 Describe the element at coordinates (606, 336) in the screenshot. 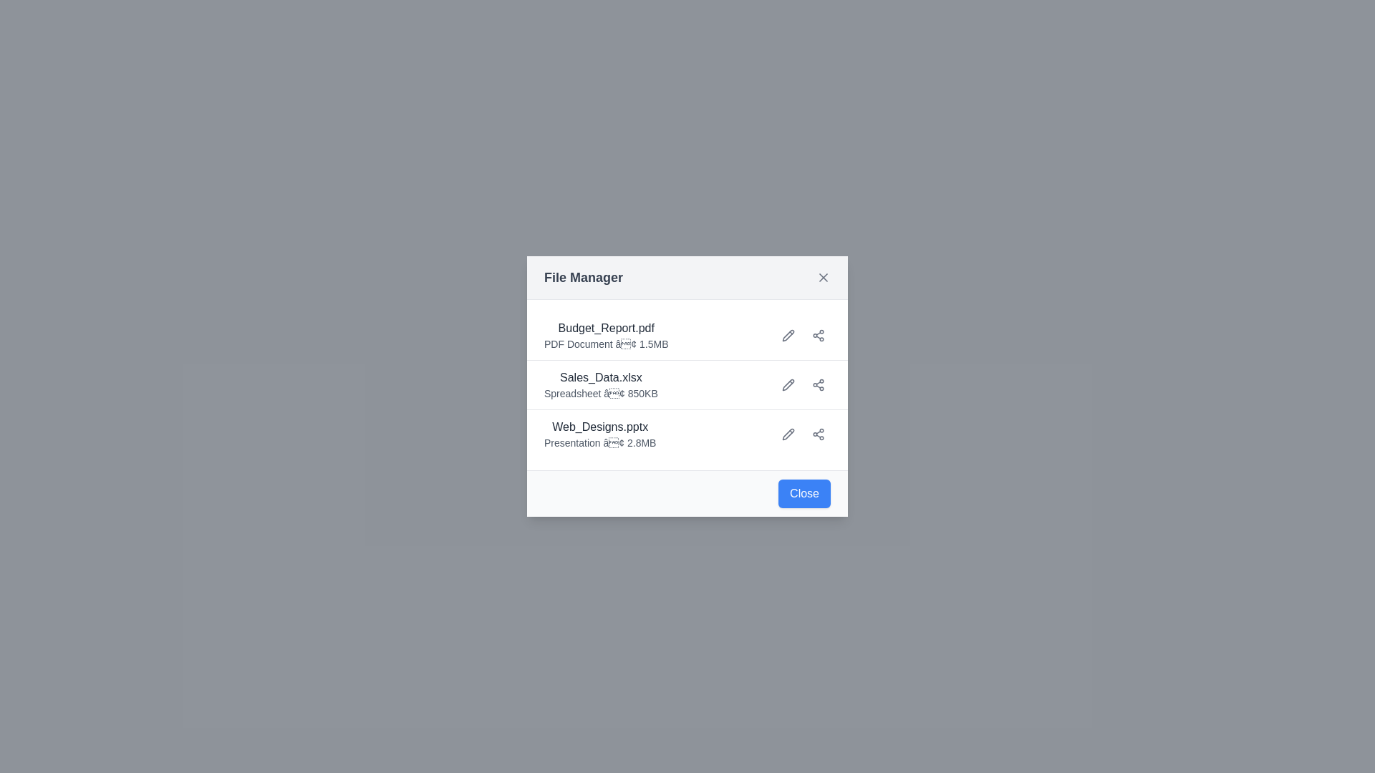

I see `the file entry Budget_Report.pdf` at that location.